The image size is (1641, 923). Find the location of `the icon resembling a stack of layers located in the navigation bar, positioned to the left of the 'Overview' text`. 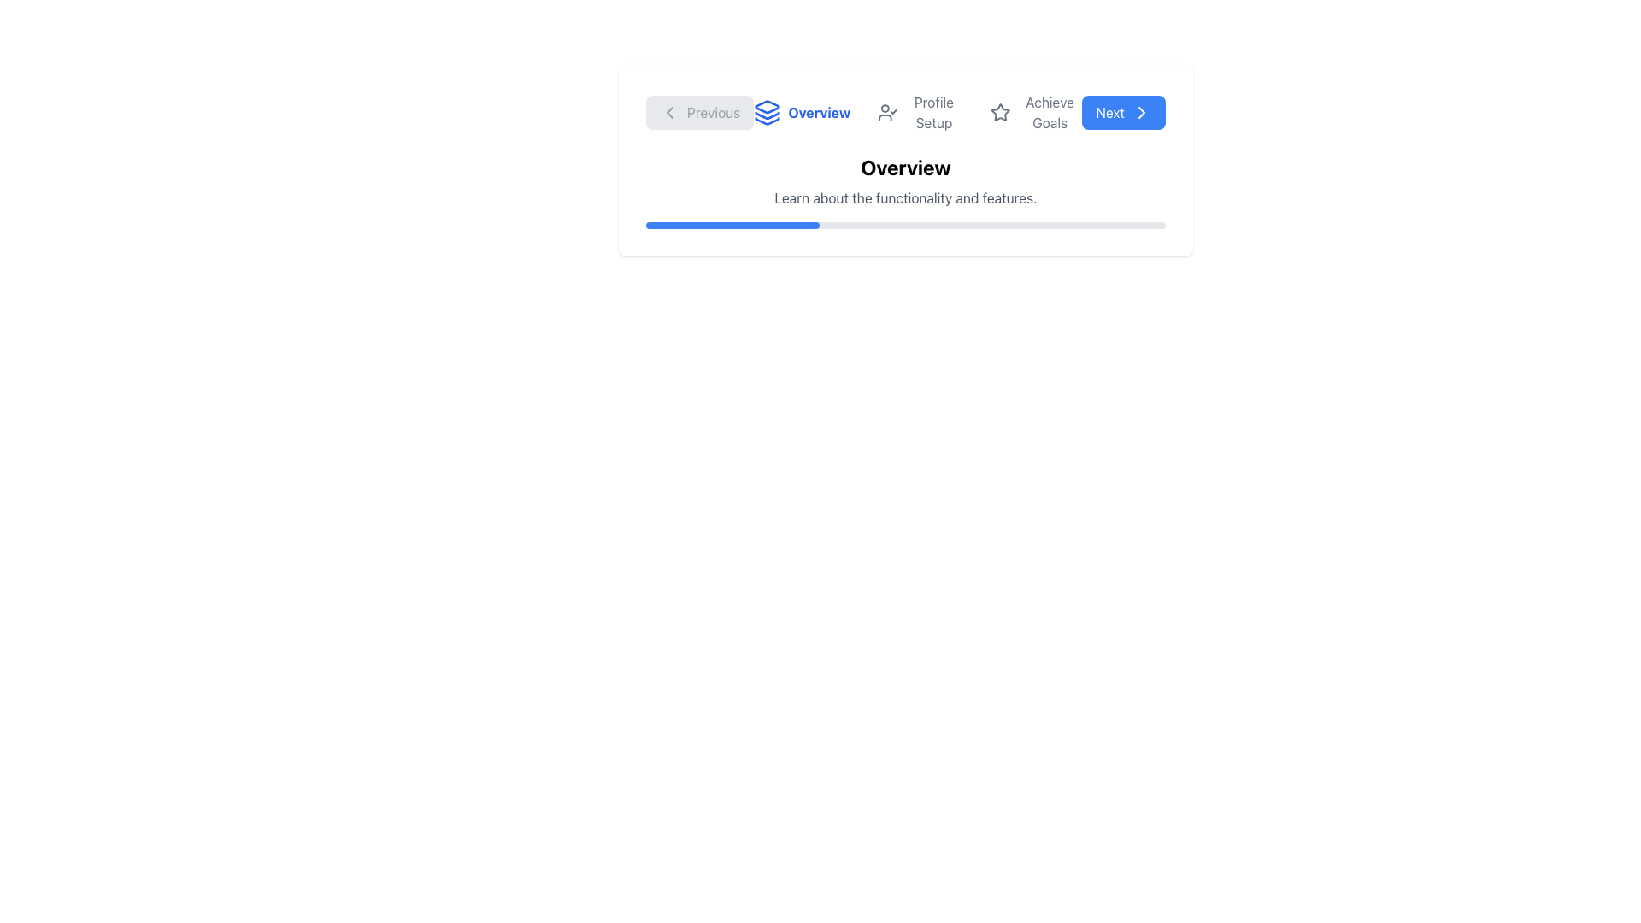

the icon resembling a stack of layers located in the navigation bar, positioned to the left of the 'Overview' text is located at coordinates (767, 112).